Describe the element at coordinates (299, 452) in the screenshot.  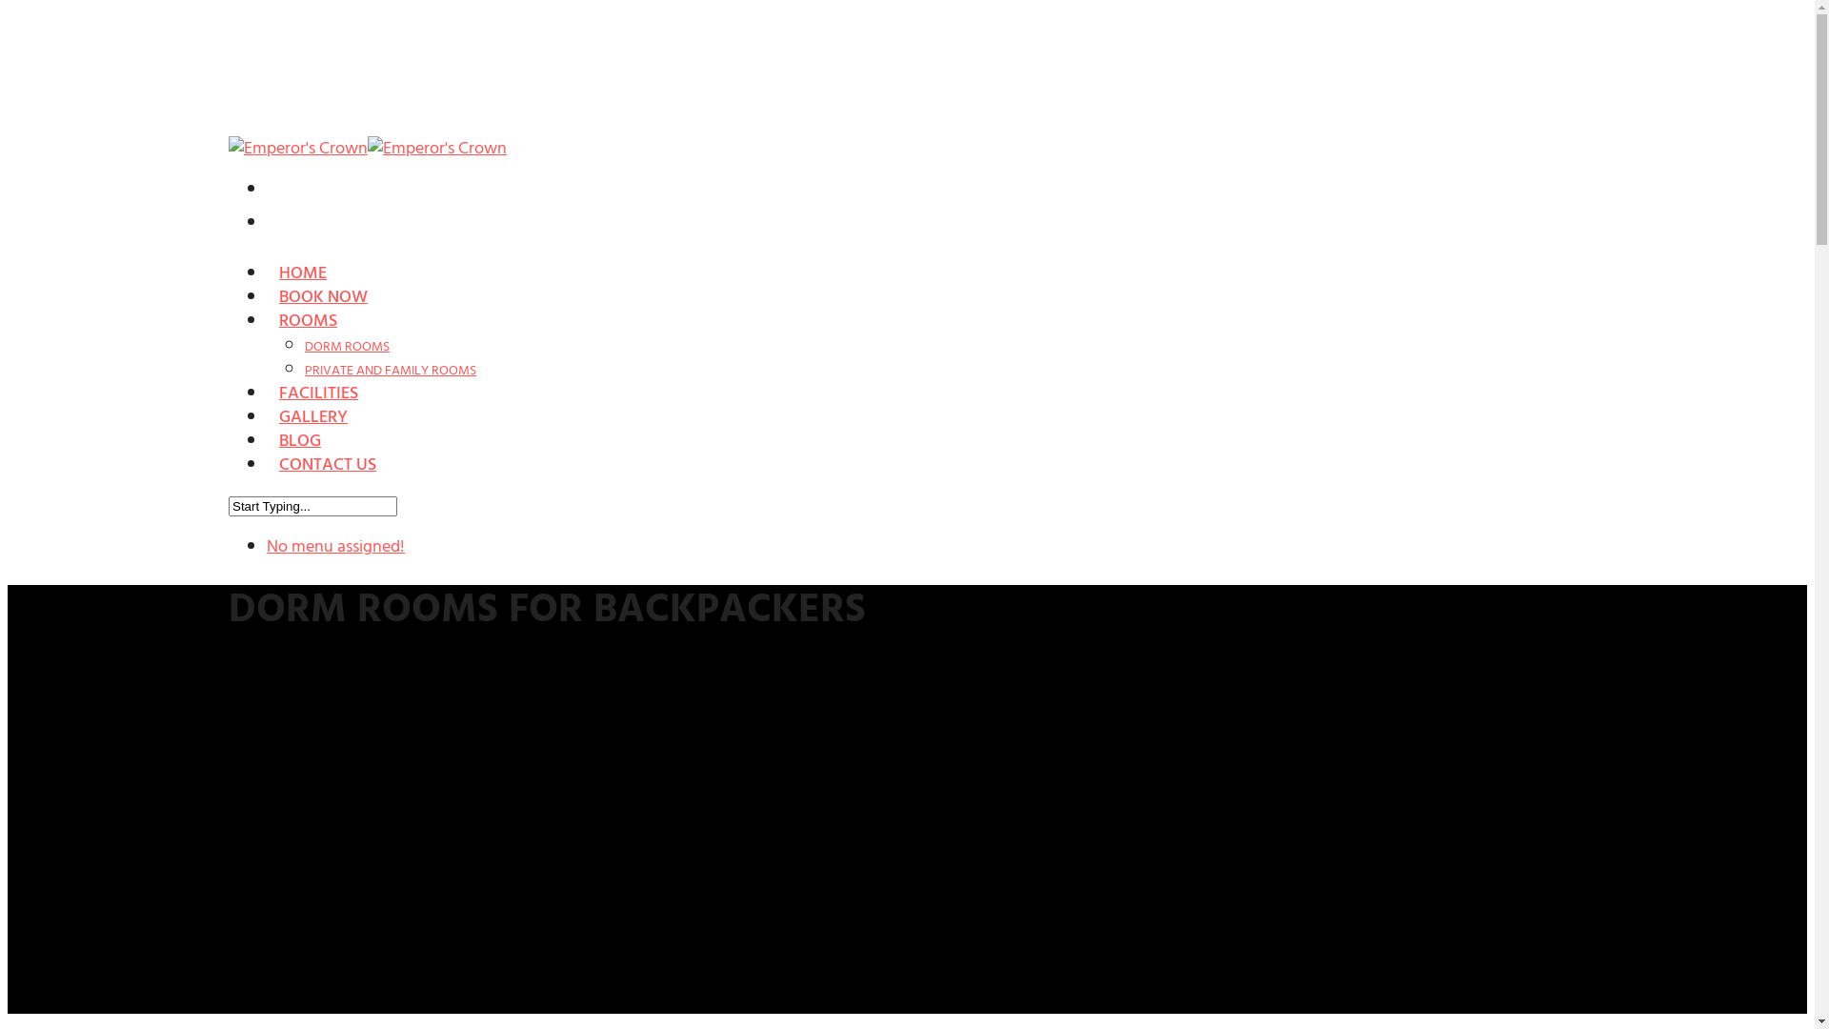
I see `'BLOG'` at that location.